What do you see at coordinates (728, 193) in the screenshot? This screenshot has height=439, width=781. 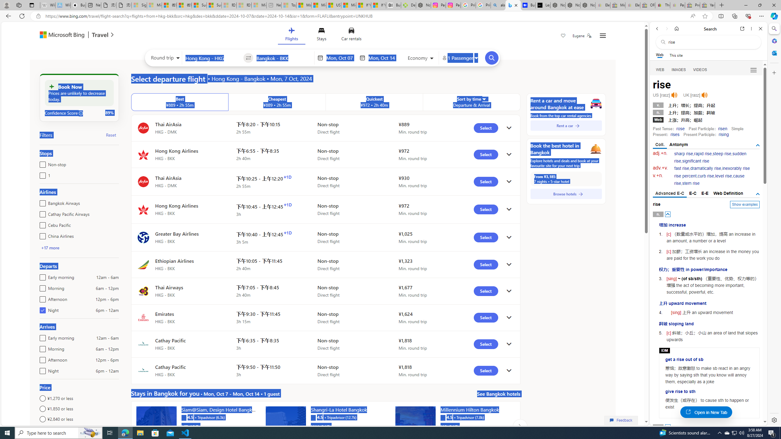 I see `'Web Definition'` at bounding box center [728, 193].